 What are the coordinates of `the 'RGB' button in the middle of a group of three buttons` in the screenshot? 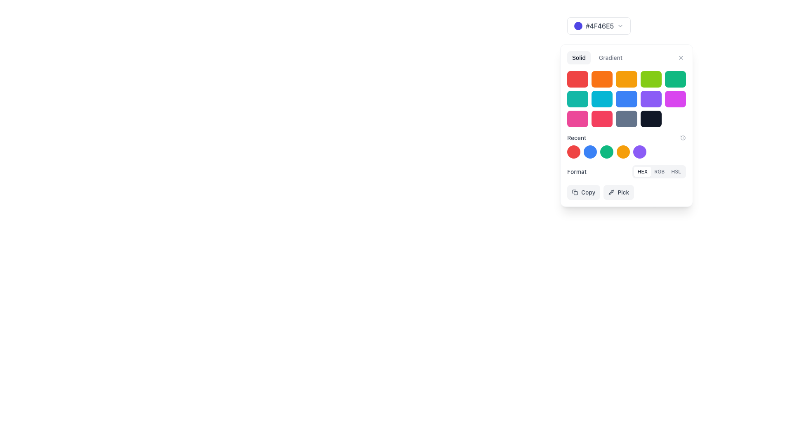 It's located at (659, 171).